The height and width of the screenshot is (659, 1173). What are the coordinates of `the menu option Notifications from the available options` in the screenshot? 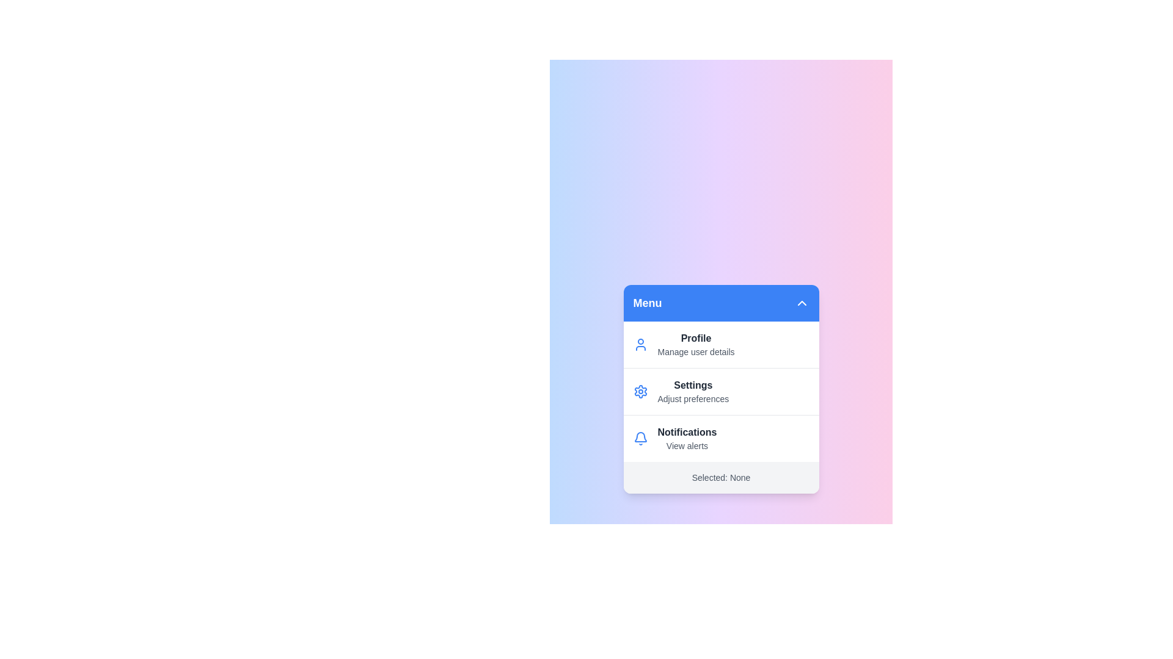 It's located at (721, 438).